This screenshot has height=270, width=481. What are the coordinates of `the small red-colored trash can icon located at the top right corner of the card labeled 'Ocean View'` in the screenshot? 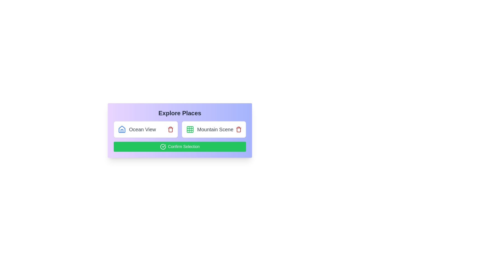 It's located at (171, 129).